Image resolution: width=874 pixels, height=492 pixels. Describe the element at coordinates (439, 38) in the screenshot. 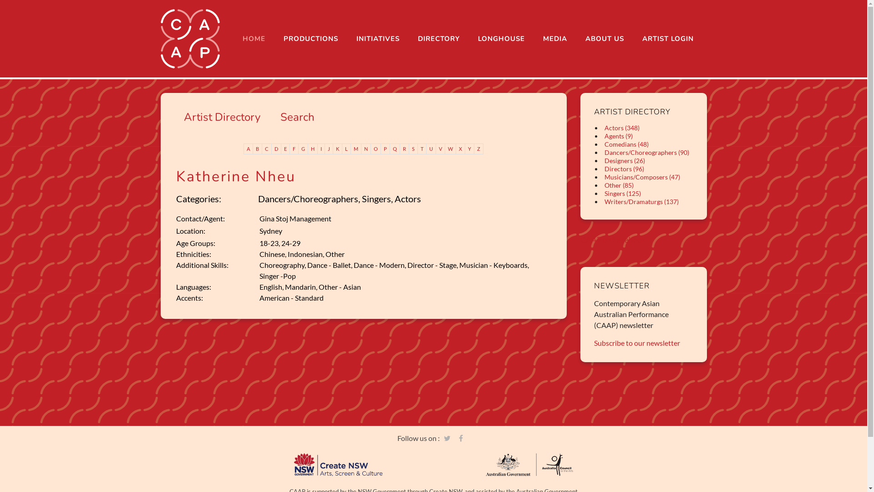

I see `'DIRECTORY'` at that location.